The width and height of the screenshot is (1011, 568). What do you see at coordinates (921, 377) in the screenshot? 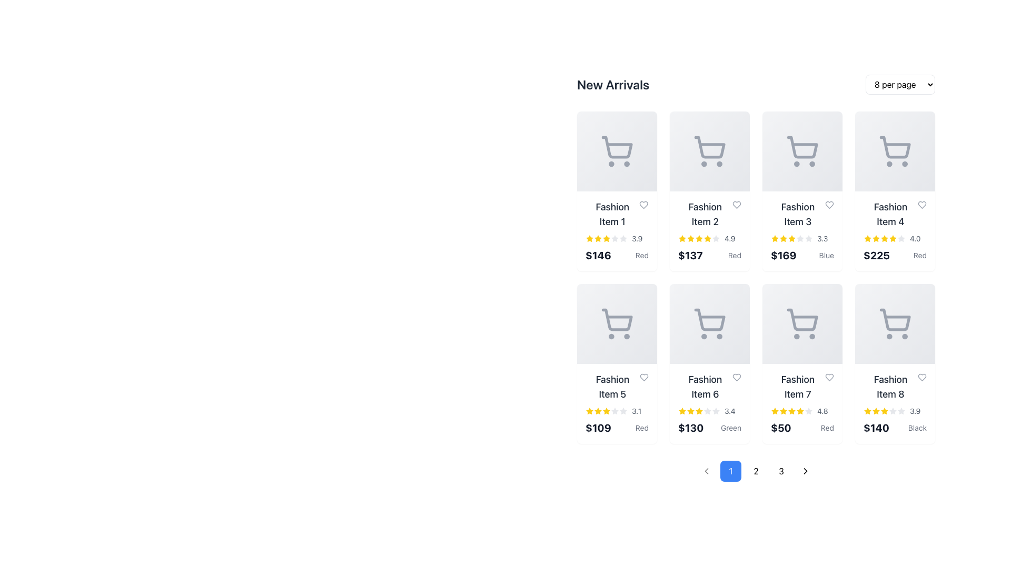
I see `the favorite/like button located to the right of the 'Fashion Item 8' title text within the card labeled 'Fashion Item 8' to change its color` at bounding box center [921, 377].